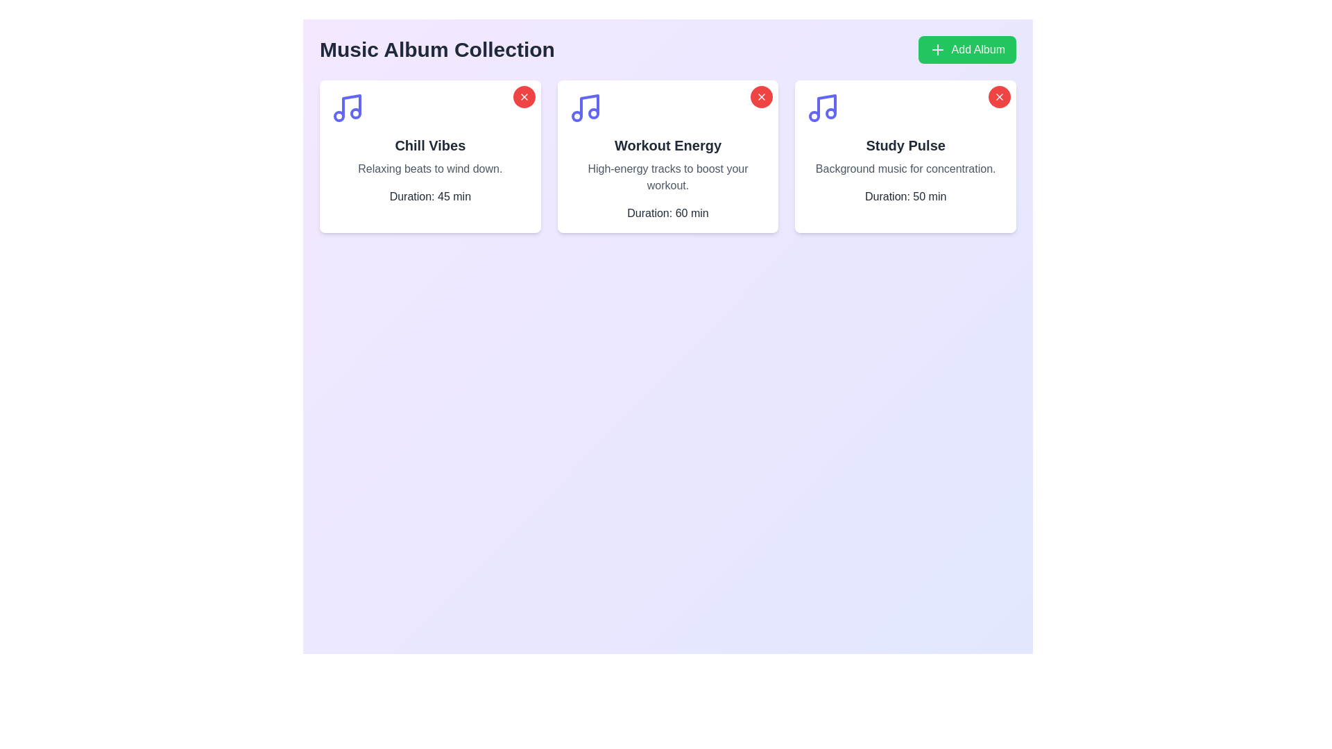 This screenshot has height=749, width=1332. Describe the element at coordinates (905, 145) in the screenshot. I see `the text label displaying 'Study Pulse'` at that location.